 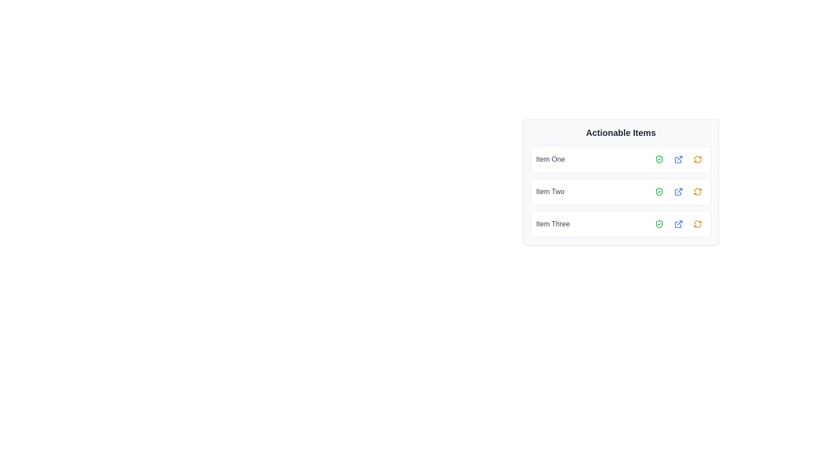 What do you see at coordinates (697, 191) in the screenshot?
I see `the refresh icon button located at the far right of the second row in the 'Actionable Items' section to refresh or reload the associated item` at bounding box center [697, 191].